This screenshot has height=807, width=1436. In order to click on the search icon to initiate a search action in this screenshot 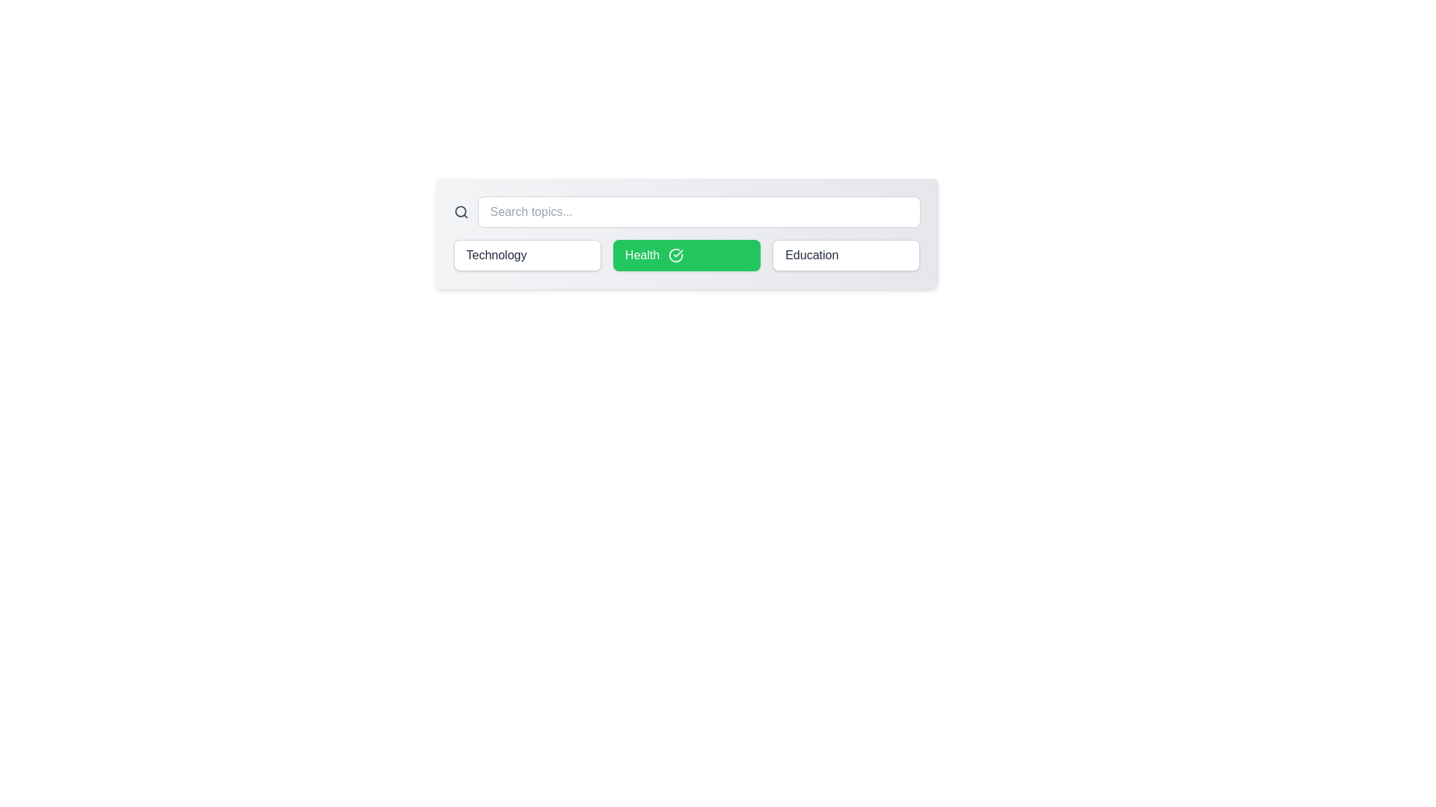, I will do `click(460, 212)`.